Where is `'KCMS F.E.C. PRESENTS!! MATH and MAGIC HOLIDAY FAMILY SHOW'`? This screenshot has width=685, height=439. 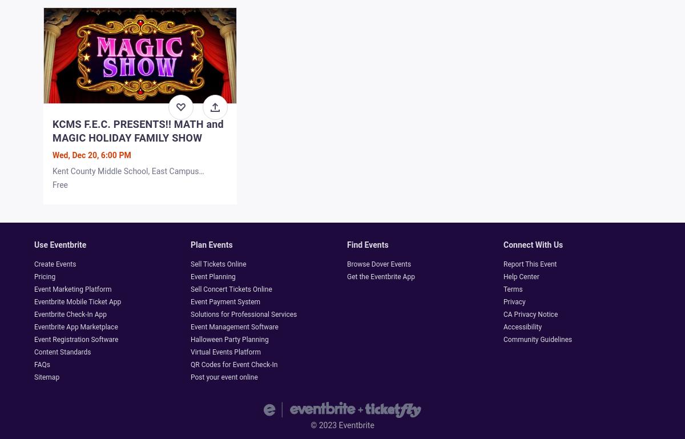
'KCMS F.E.C. PRESENTS!! MATH and MAGIC HOLIDAY FAMILY SHOW' is located at coordinates (138, 131).